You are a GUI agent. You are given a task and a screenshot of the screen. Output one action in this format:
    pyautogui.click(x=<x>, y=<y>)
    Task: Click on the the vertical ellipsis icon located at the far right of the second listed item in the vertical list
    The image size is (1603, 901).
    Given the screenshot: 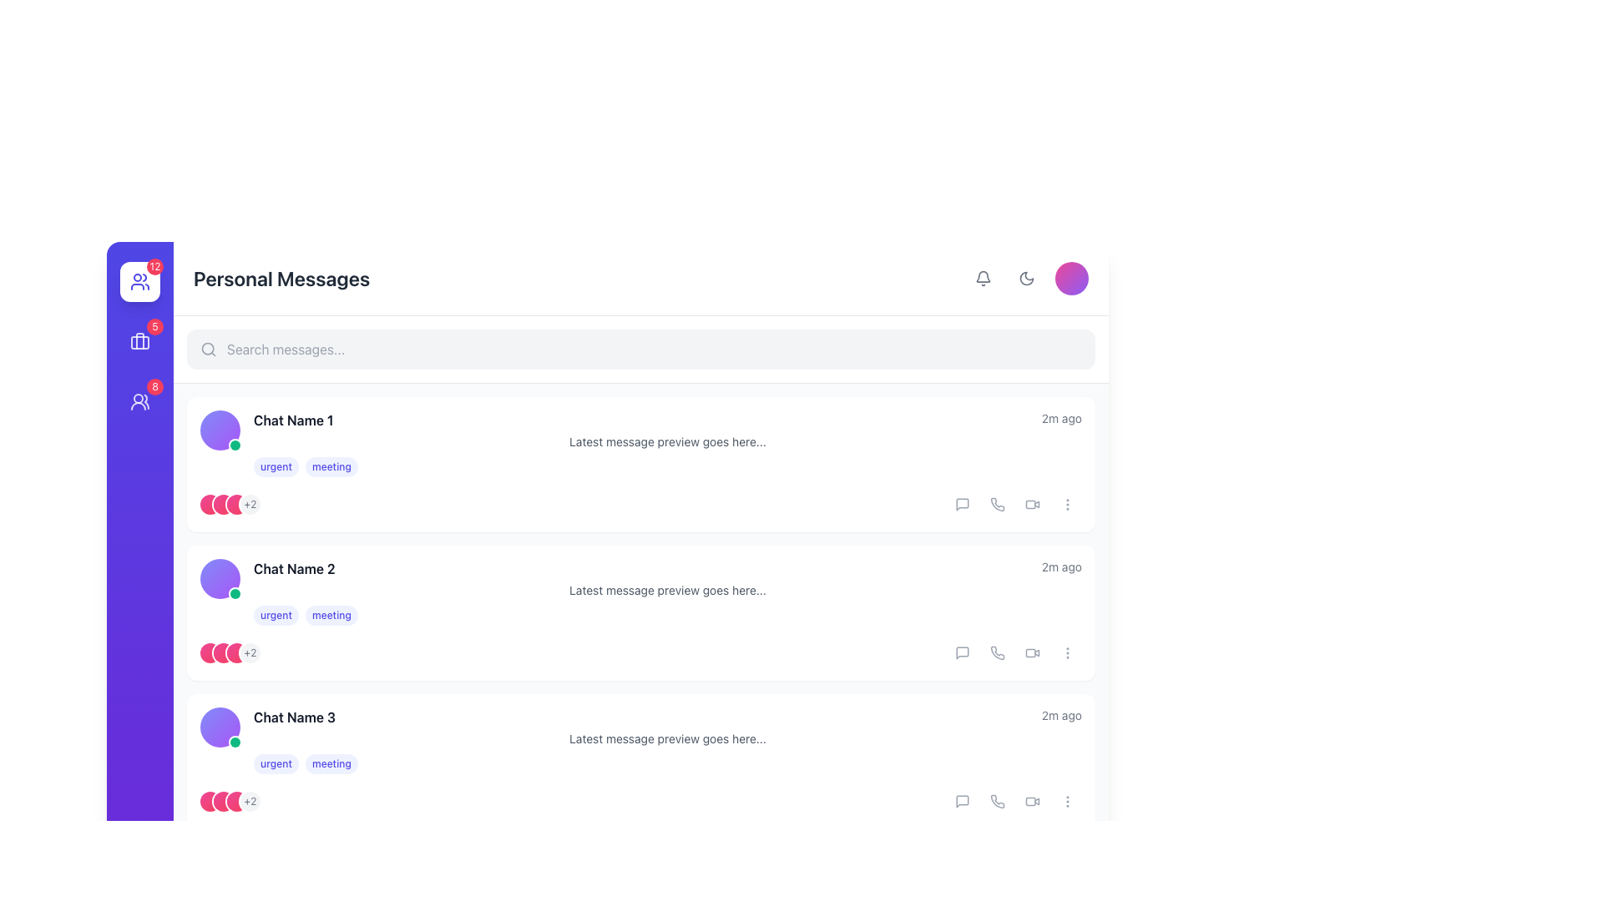 What is the action you would take?
    pyautogui.click(x=1066, y=504)
    